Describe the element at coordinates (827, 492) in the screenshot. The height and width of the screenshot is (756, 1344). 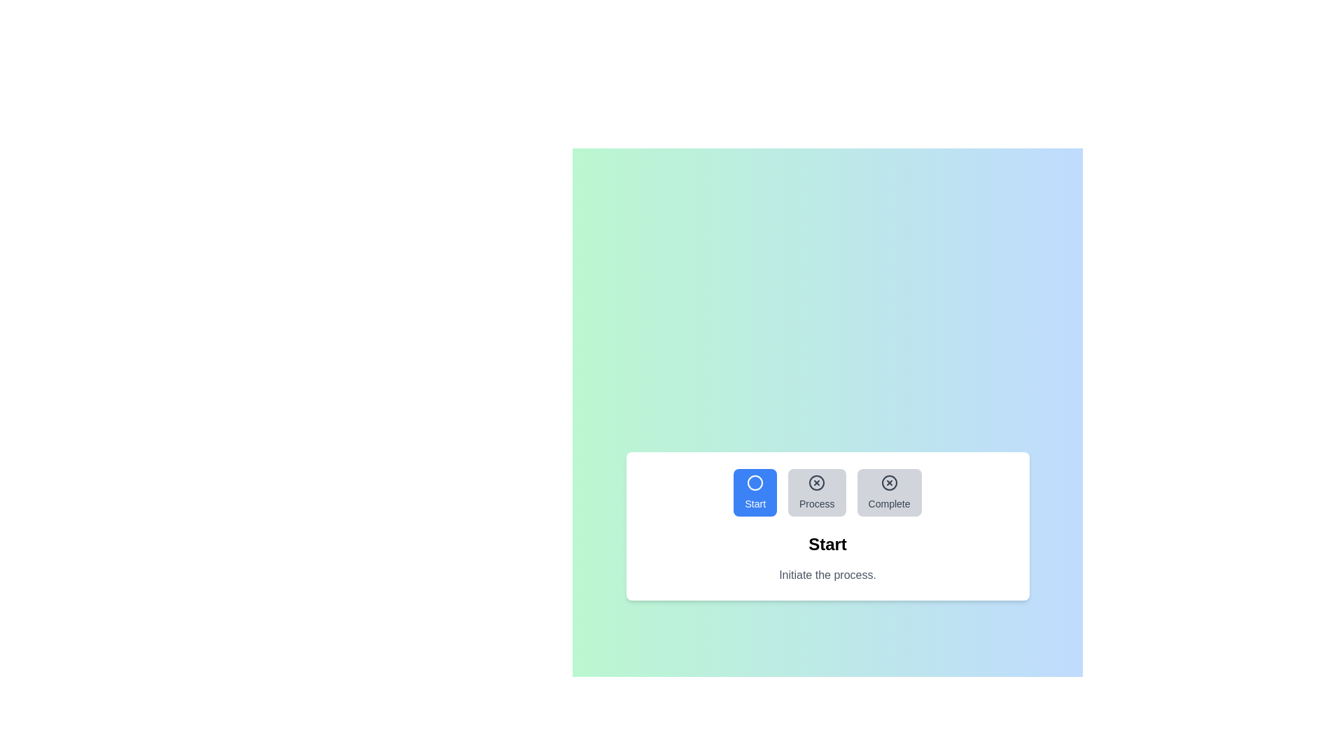
I see `the central 'Process' button in the horizontal navigation bar` at that location.